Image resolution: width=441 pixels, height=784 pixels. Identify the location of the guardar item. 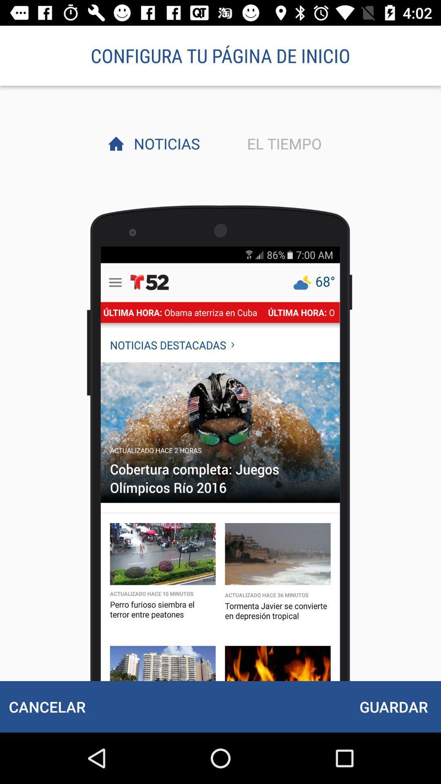
(393, 706).